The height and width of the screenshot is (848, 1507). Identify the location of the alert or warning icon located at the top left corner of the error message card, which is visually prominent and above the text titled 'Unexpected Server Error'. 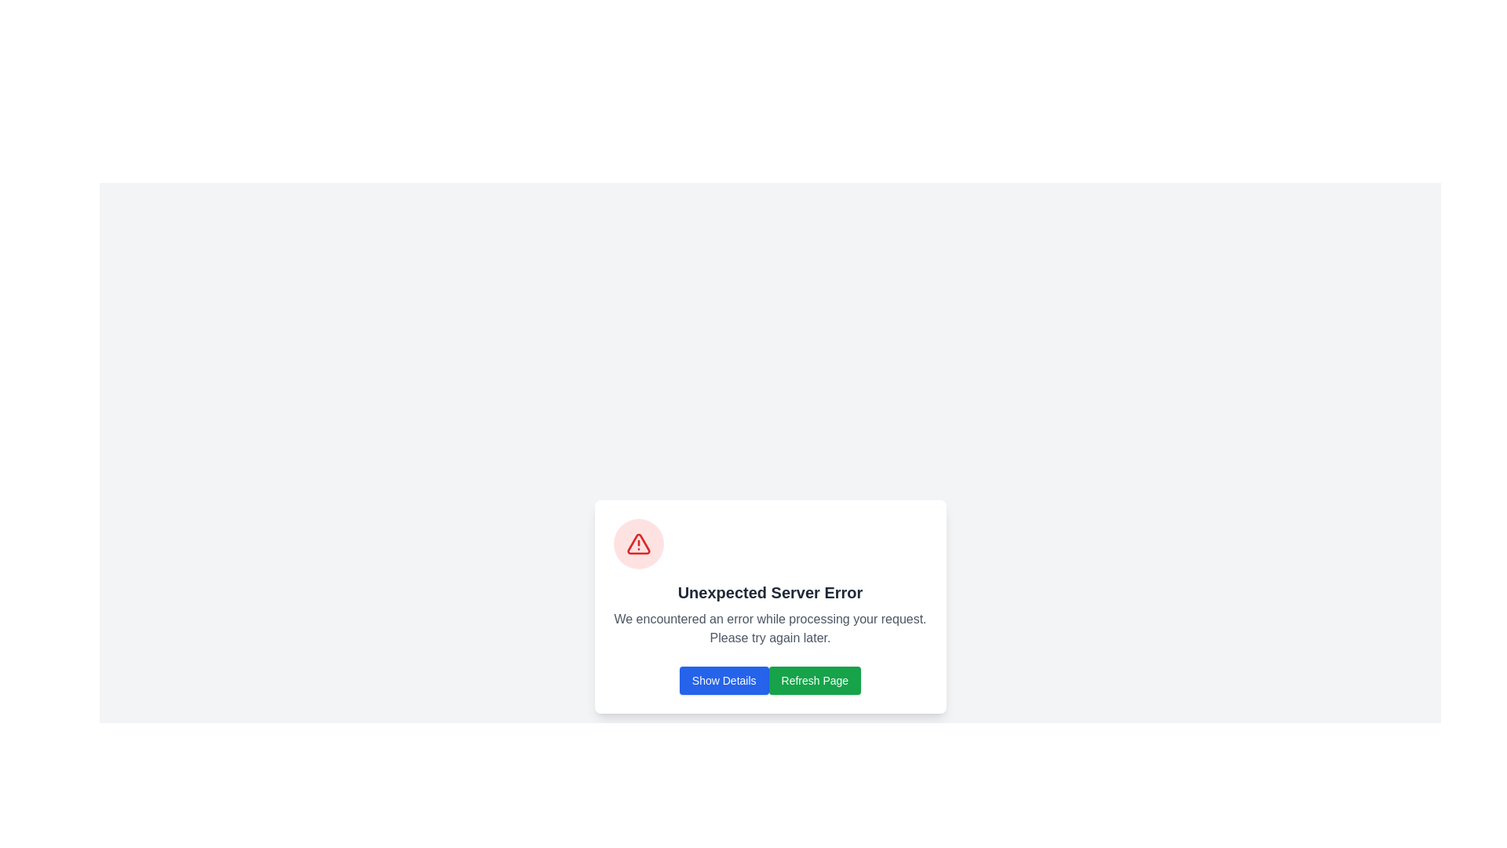
(638, 543).